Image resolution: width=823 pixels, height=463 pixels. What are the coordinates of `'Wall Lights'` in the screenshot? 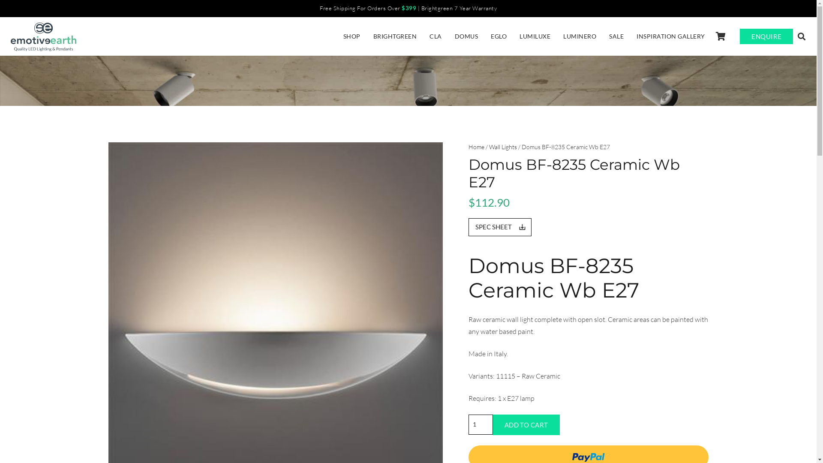 It's located at (502, 146).